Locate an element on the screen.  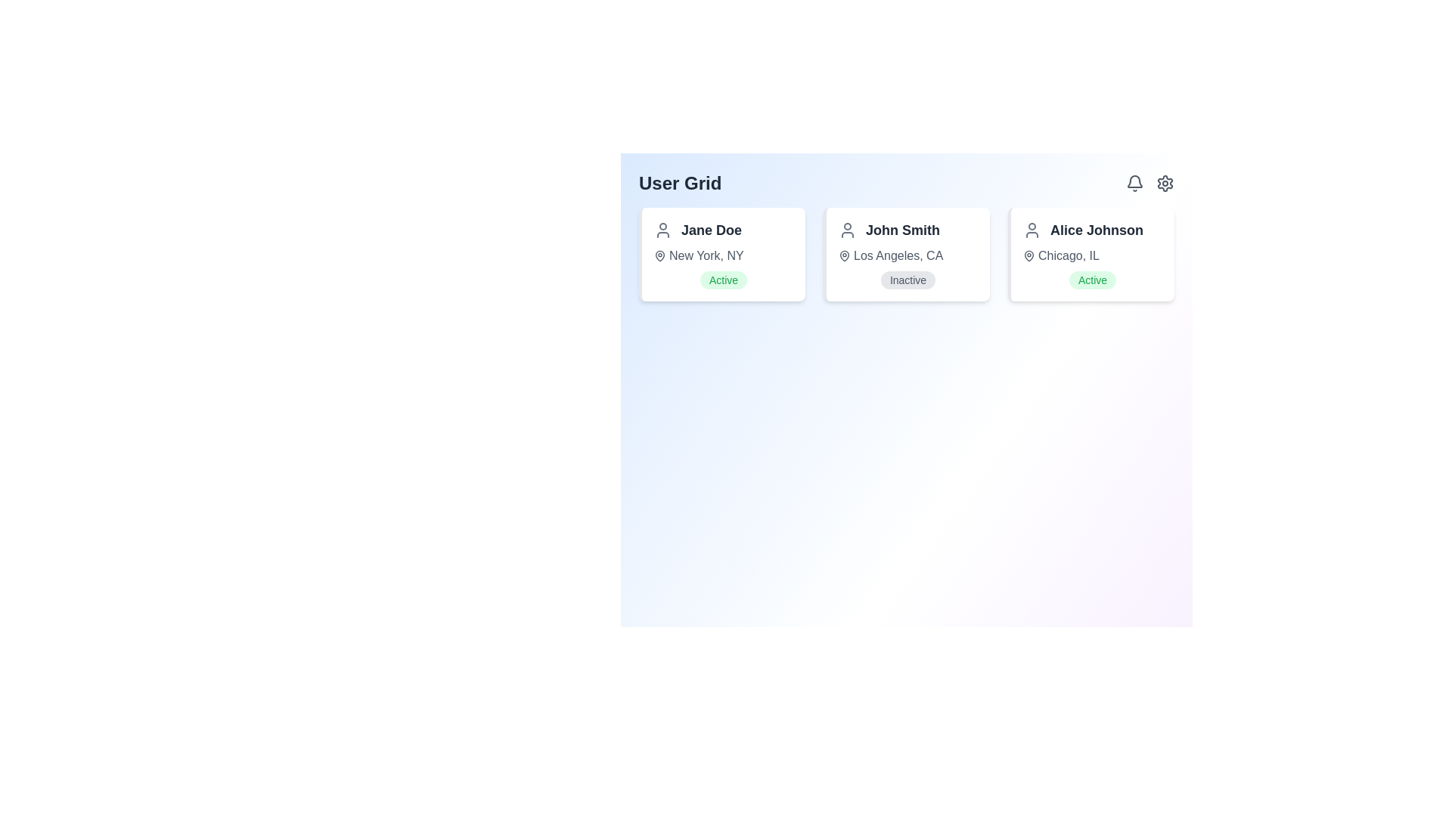
the Location display element indicating 'Chicago, IL' within the card titled 'Alice Johnson' is located at coordinates (1092, 255).